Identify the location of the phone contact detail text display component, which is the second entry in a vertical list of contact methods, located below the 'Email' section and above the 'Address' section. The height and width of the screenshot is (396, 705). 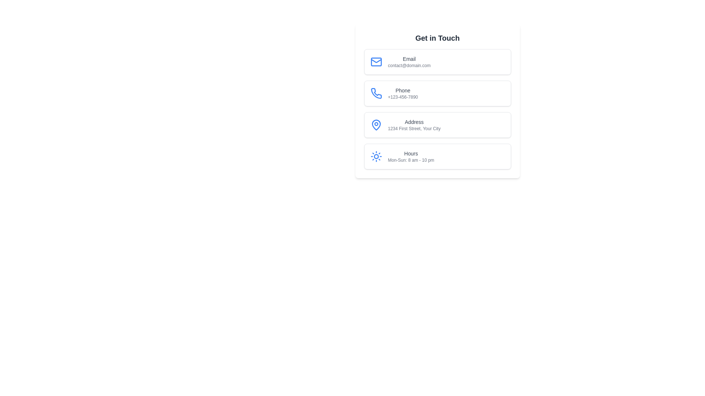
(402, 93).